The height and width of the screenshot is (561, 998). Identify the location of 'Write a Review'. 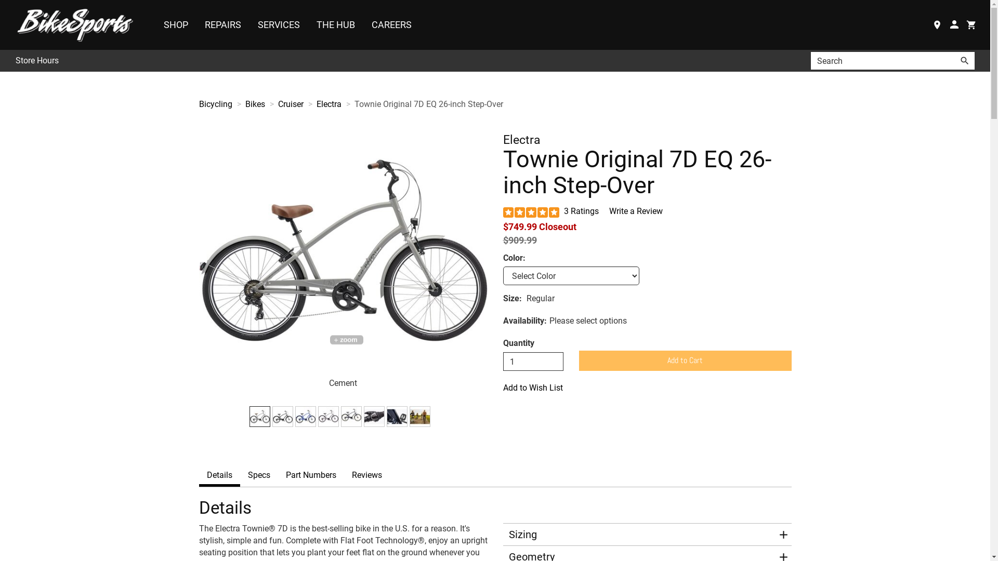
(635, 210).